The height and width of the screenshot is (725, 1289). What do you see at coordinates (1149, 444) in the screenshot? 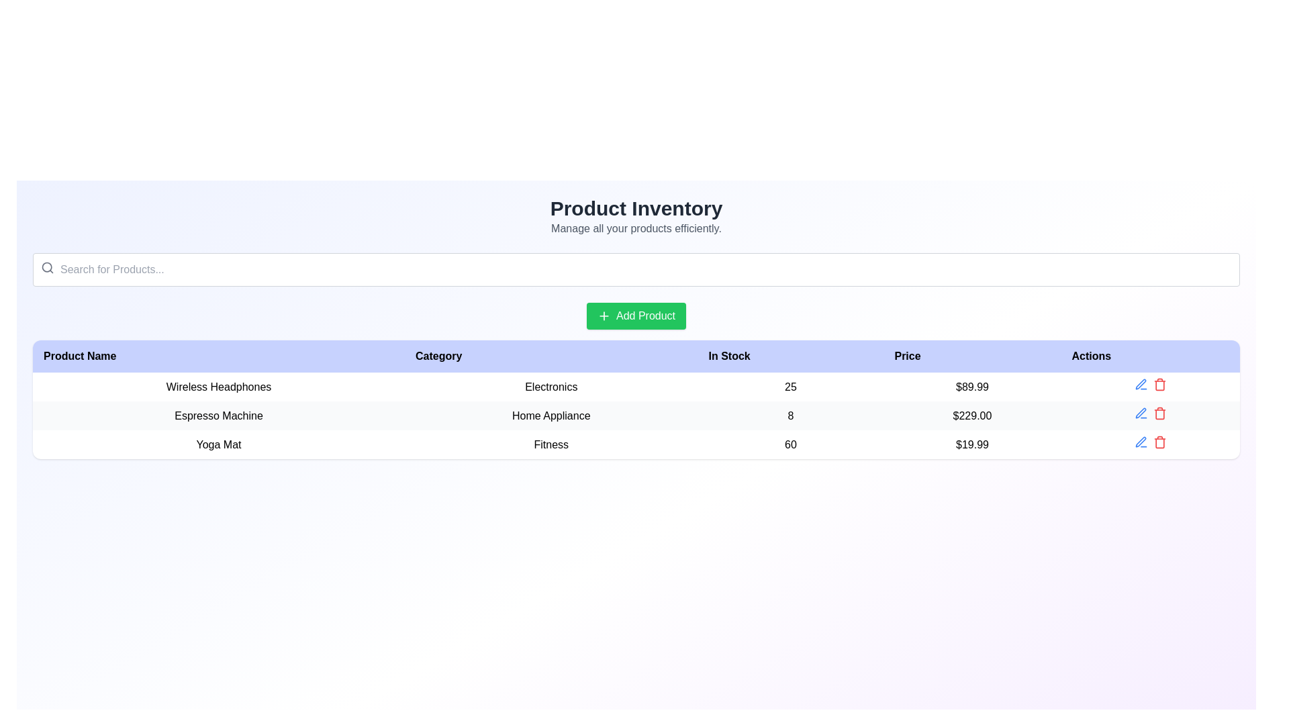
I see `the delete icon in the Actions column of the last row for the Yoga Mat entry in the Product Inventory table` at bounding box center [1149, 444].